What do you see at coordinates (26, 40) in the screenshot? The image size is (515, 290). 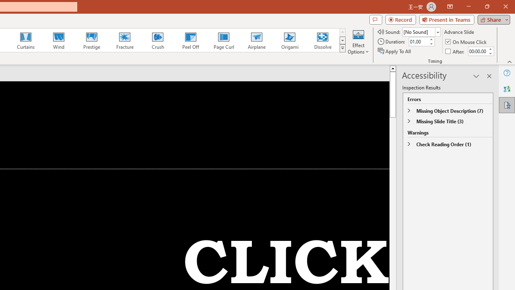 I see `'Curtains'` at bounding box center [26, 40].